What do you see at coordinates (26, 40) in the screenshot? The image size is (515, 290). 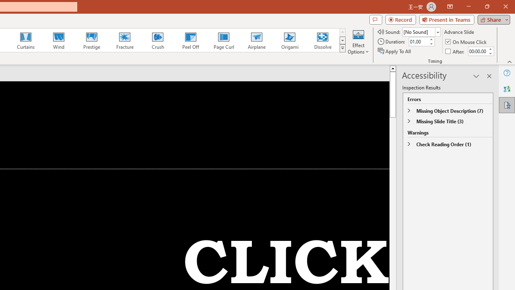 I see `'Curtains'` at bounding box center [26, 40].